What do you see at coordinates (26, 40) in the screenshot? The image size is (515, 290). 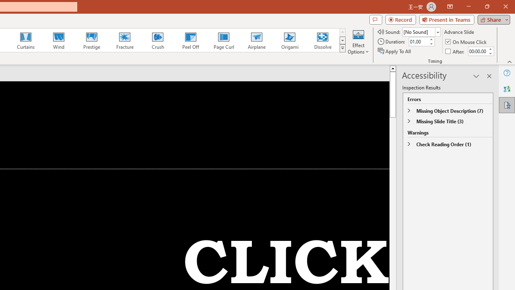 I see `'Curtains'` at bounding box center [26, 40].